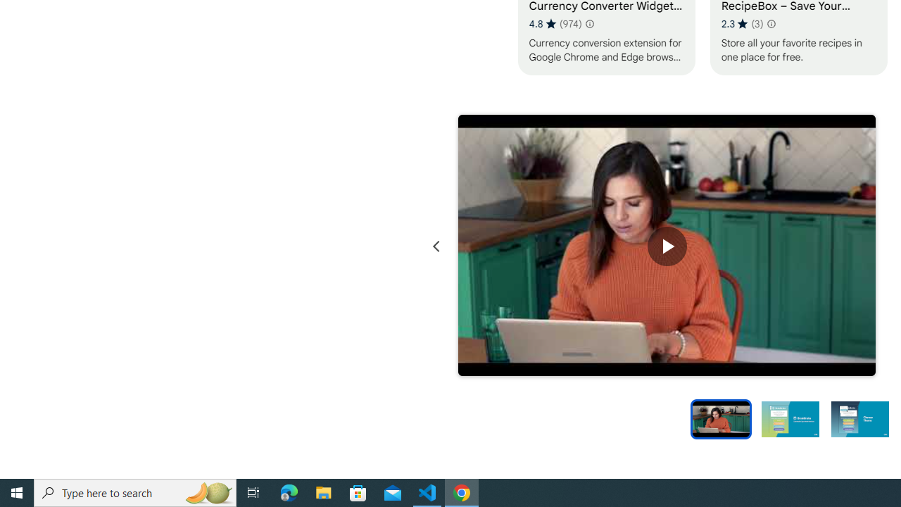 This screenshot has width=901, height=507. What do you see at coordinates (555, 23) in the screenshot?
I see `'Average rating 4.8 out of 5 stars. 974 ratings.'` at bounding box center [555, 23].